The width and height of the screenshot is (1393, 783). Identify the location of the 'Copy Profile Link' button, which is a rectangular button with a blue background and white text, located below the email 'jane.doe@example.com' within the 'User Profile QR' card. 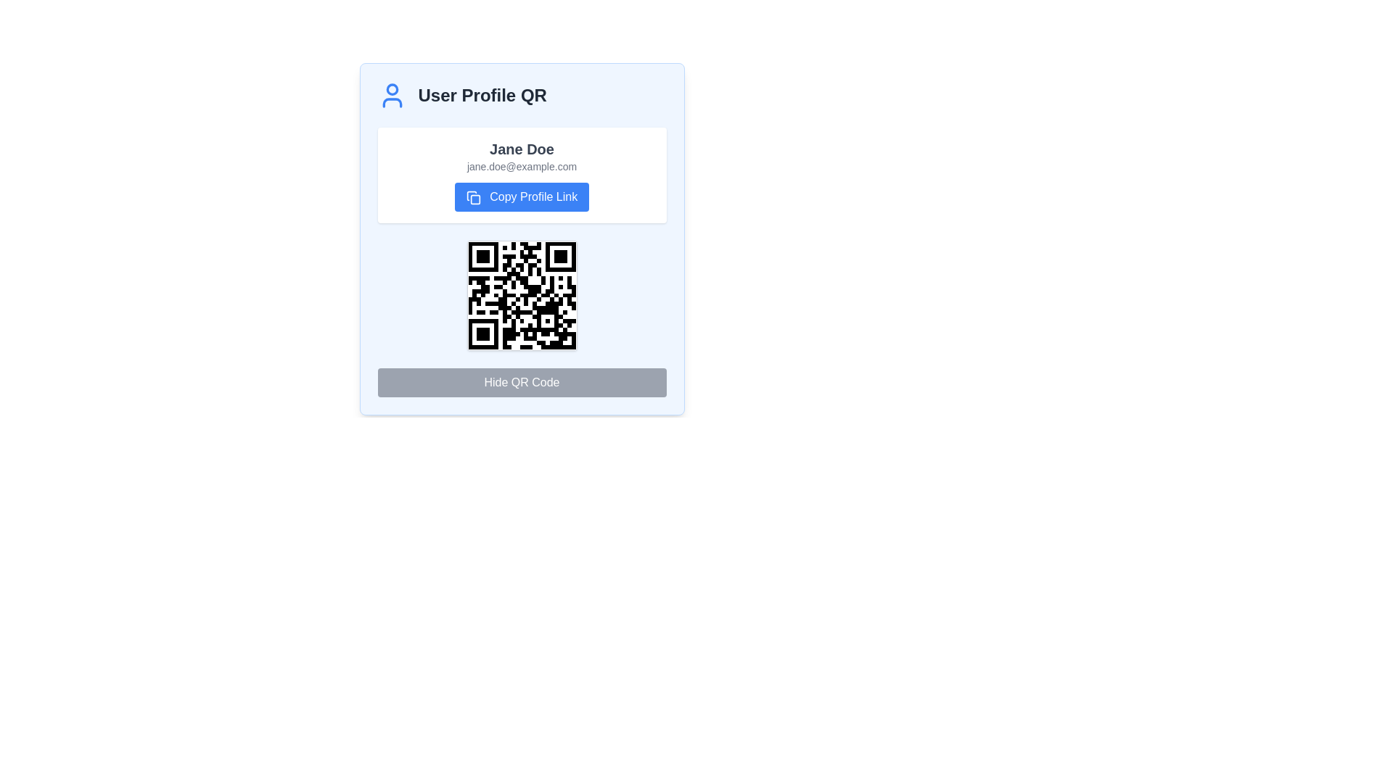
(522, 197).